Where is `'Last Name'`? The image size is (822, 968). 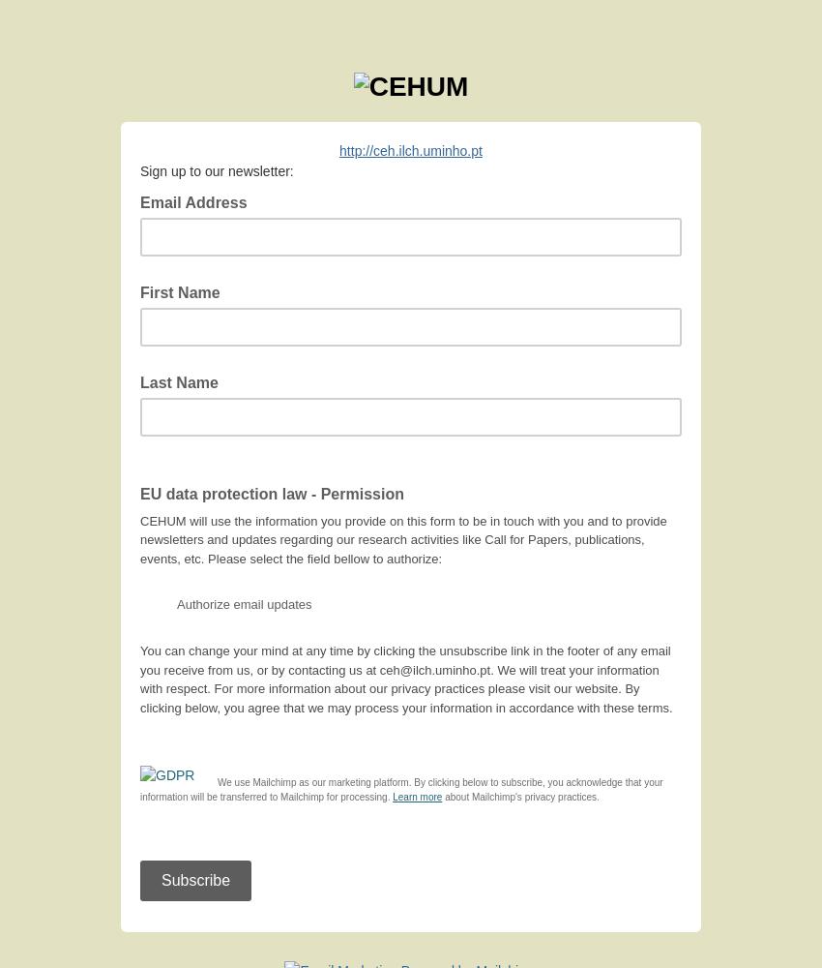 'Last Name' is located at coordinates (140, 381).